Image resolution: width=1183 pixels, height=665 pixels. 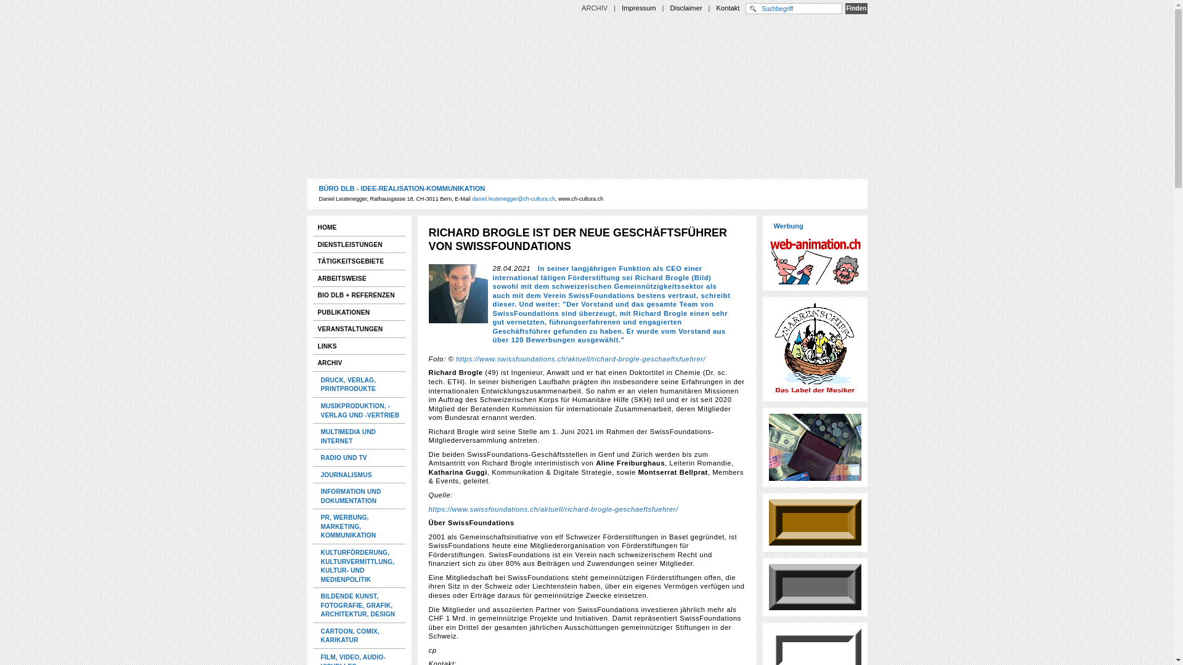 What do you see at coordinates (815, 447) in the screenshot?
I see `'m-e-r-c-i-'` at bounding box center [815, 447].